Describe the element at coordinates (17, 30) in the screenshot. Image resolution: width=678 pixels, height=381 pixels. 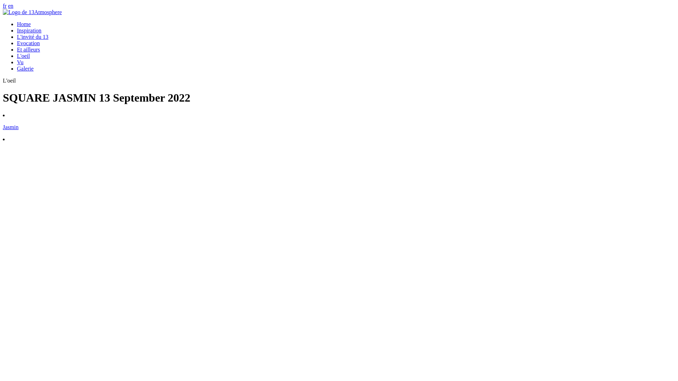
I see `'Inspiration'` at that location.